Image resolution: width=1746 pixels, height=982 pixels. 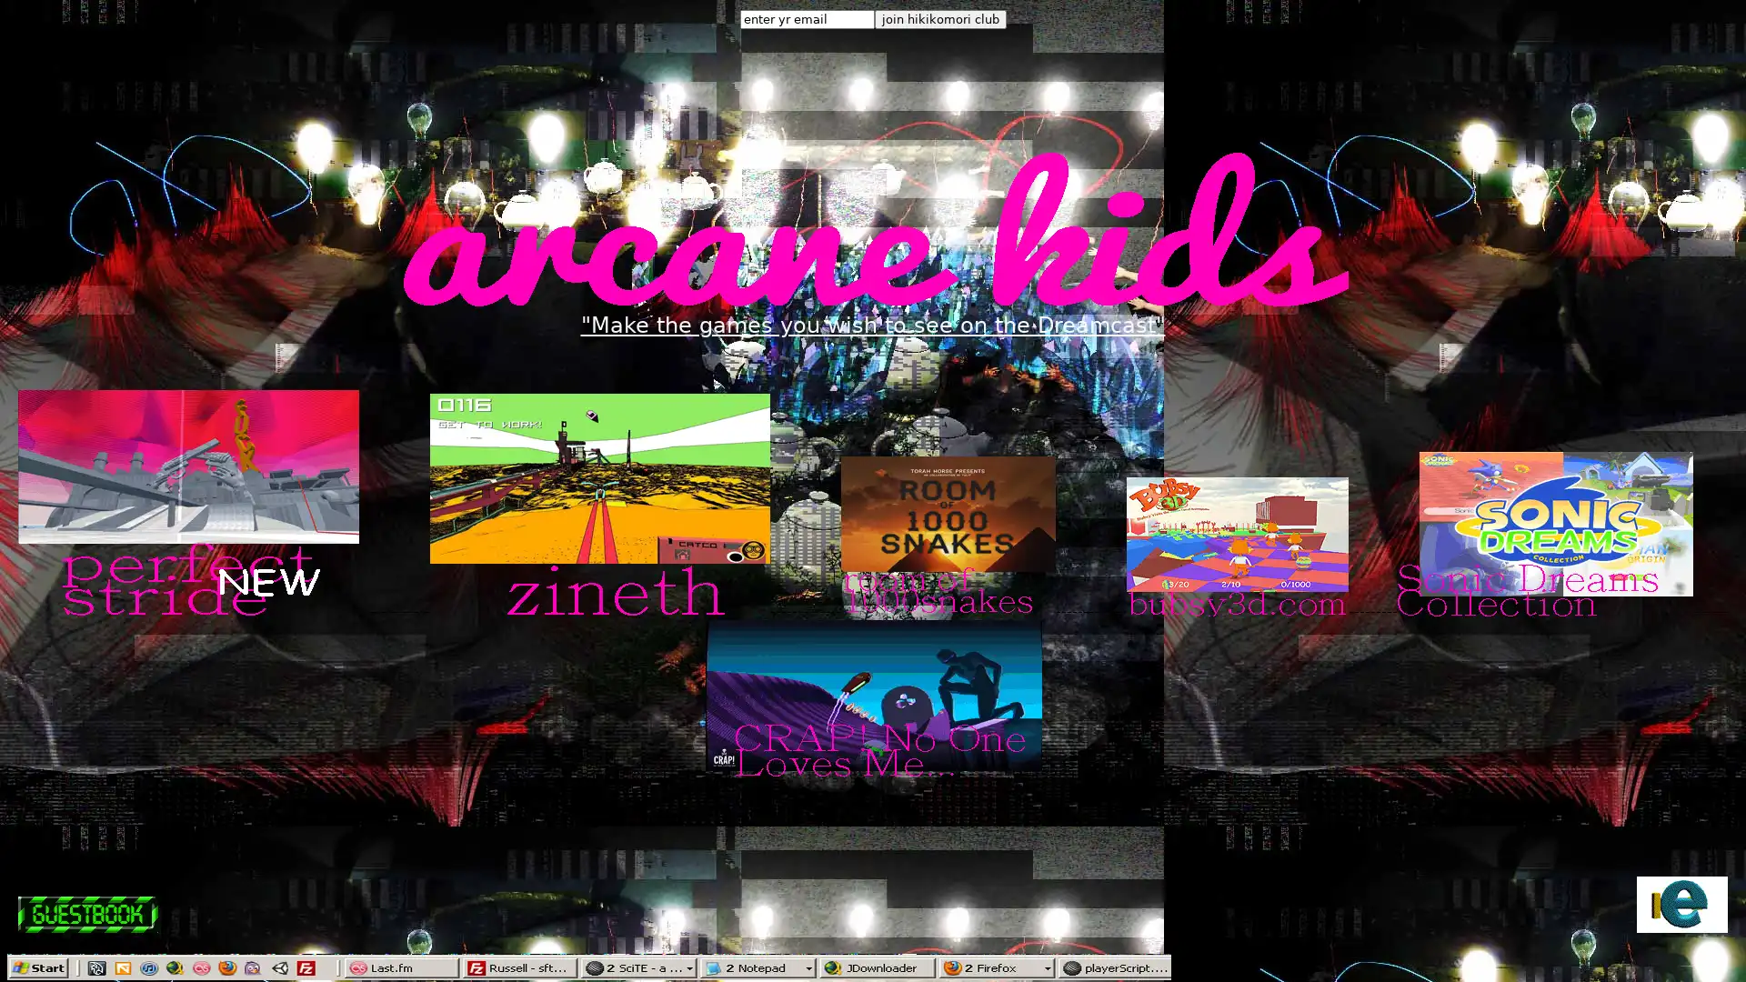 What do you see at coordinates (939, 19) in the screenshot?
I see `join hikikomori club` at bounding box center [939, 19].